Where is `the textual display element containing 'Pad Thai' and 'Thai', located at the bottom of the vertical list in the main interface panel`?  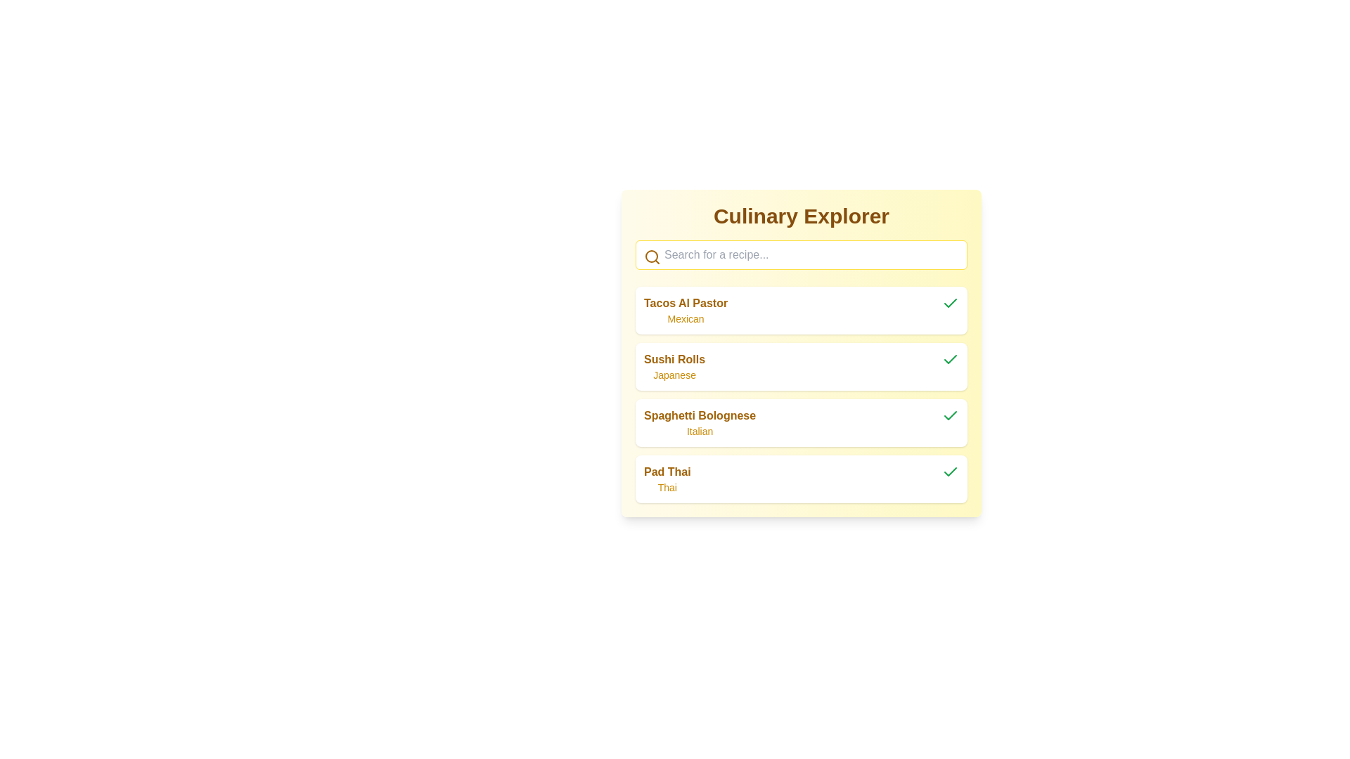 the textual display element containing 'Pad Thai' and 'Thai', located at the bottom of the vertical list in the main interface panel is located at coordinates (667, 479).